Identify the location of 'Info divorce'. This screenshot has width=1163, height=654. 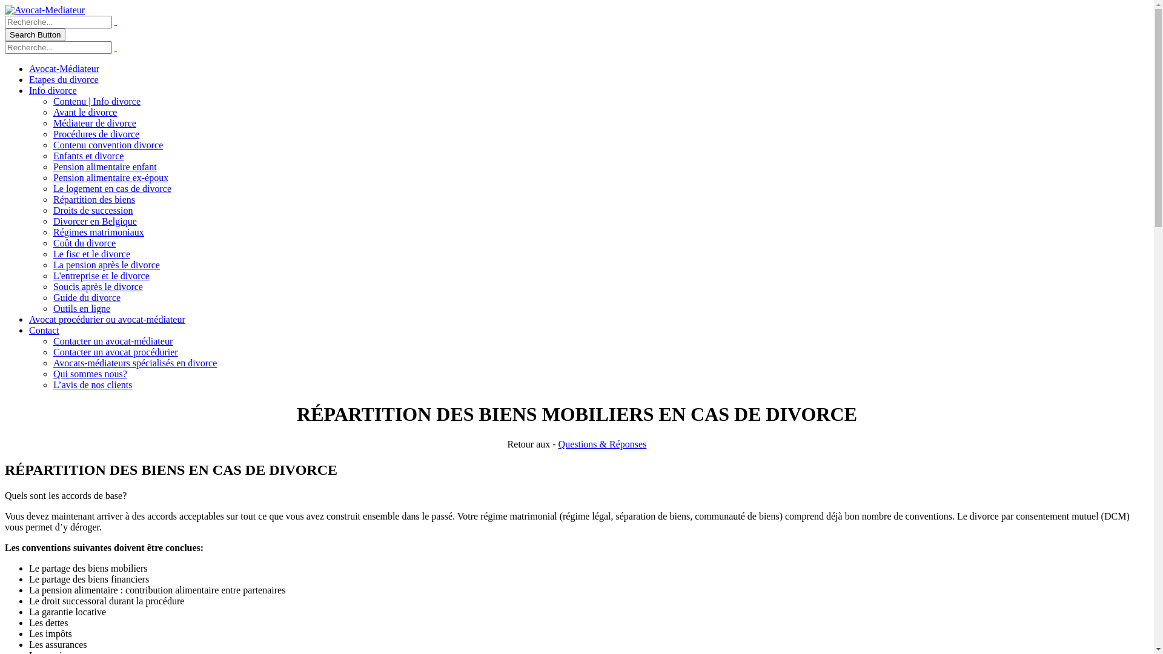
(52, 90).